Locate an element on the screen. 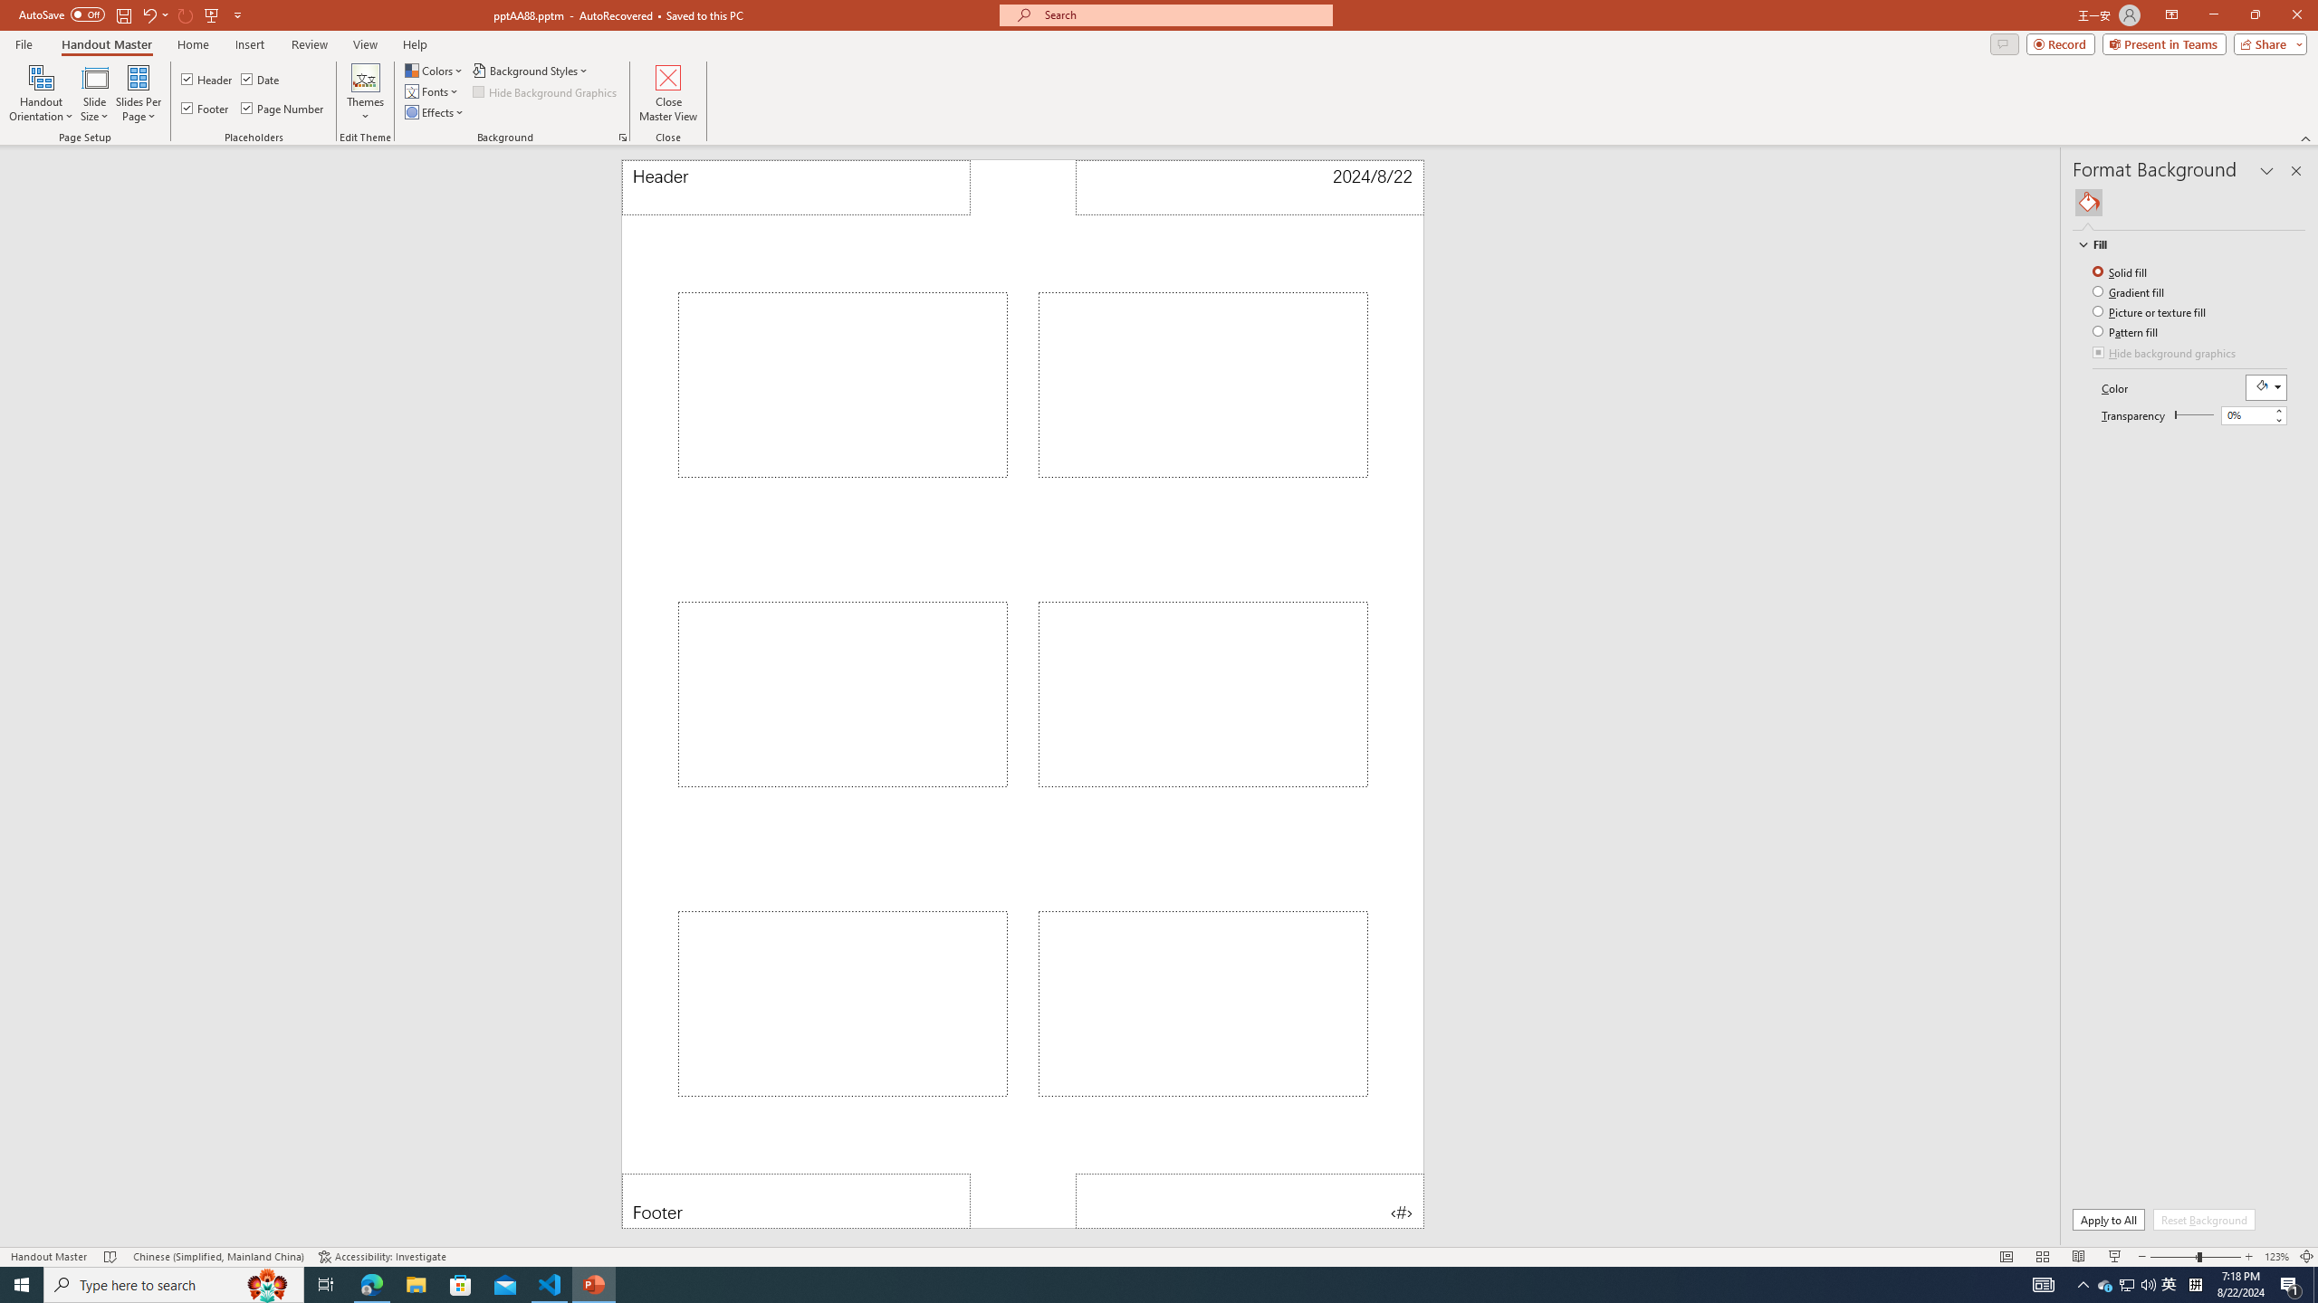 Image resolution: width=2318 pixels, height=1303 pixels. 'Colors' is located at coordinates (435, 70).